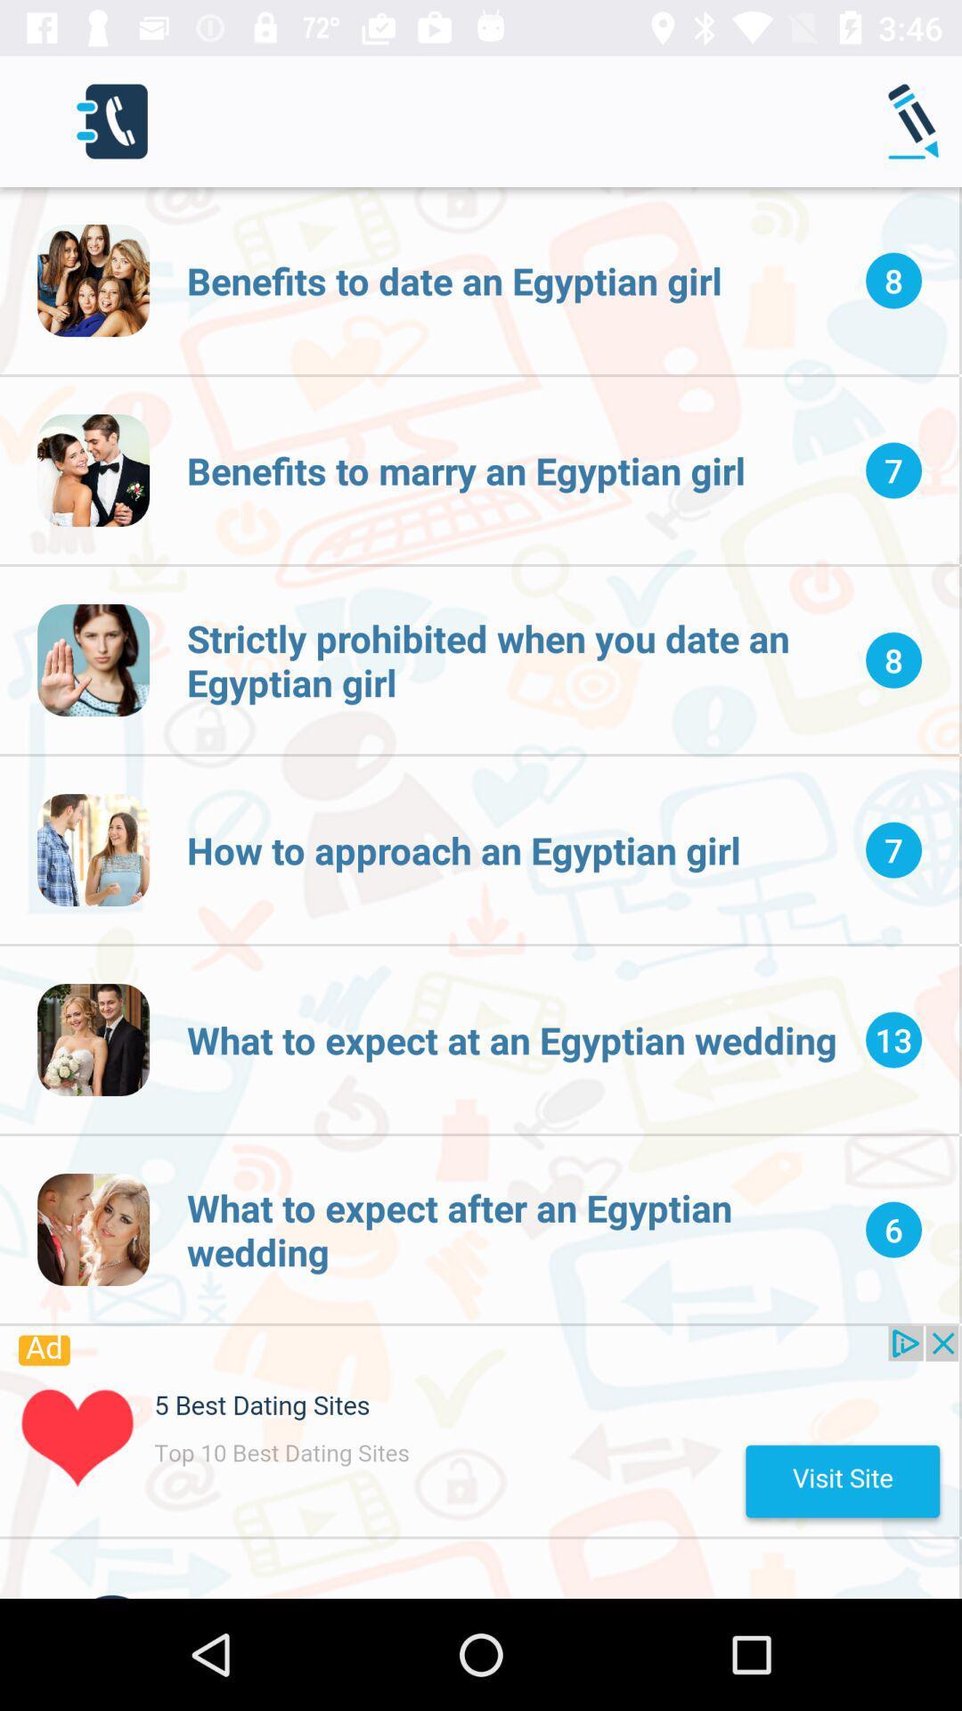 The width and height of the screenshot is (962, 1711). What do you see at coordinates (478, 1431) in the screenshot?
I see `the advertisement` at bounding box center [478, 1431].